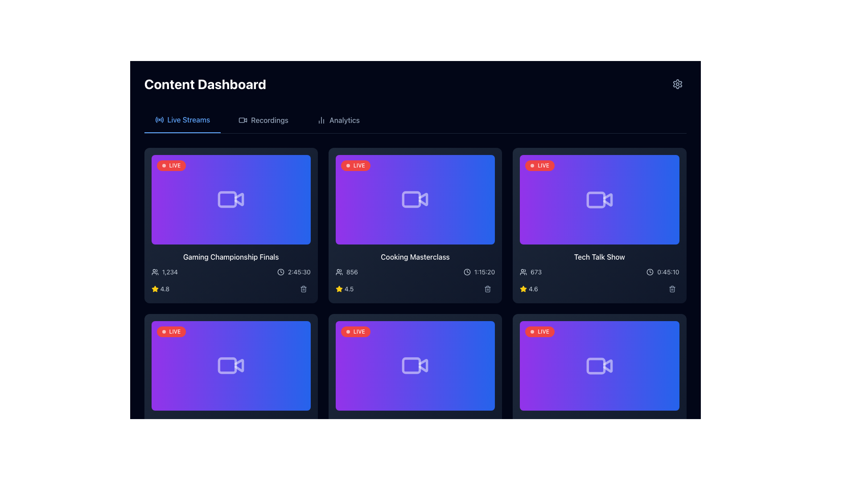  What do you see at coordinates (165, 289) in the screenshot?
I see `the Text label displaying the rating value located below the 'Gaming Championship Finals' card in the content dashboard, next to the yellow star icon` at bounding box center [165, 289].